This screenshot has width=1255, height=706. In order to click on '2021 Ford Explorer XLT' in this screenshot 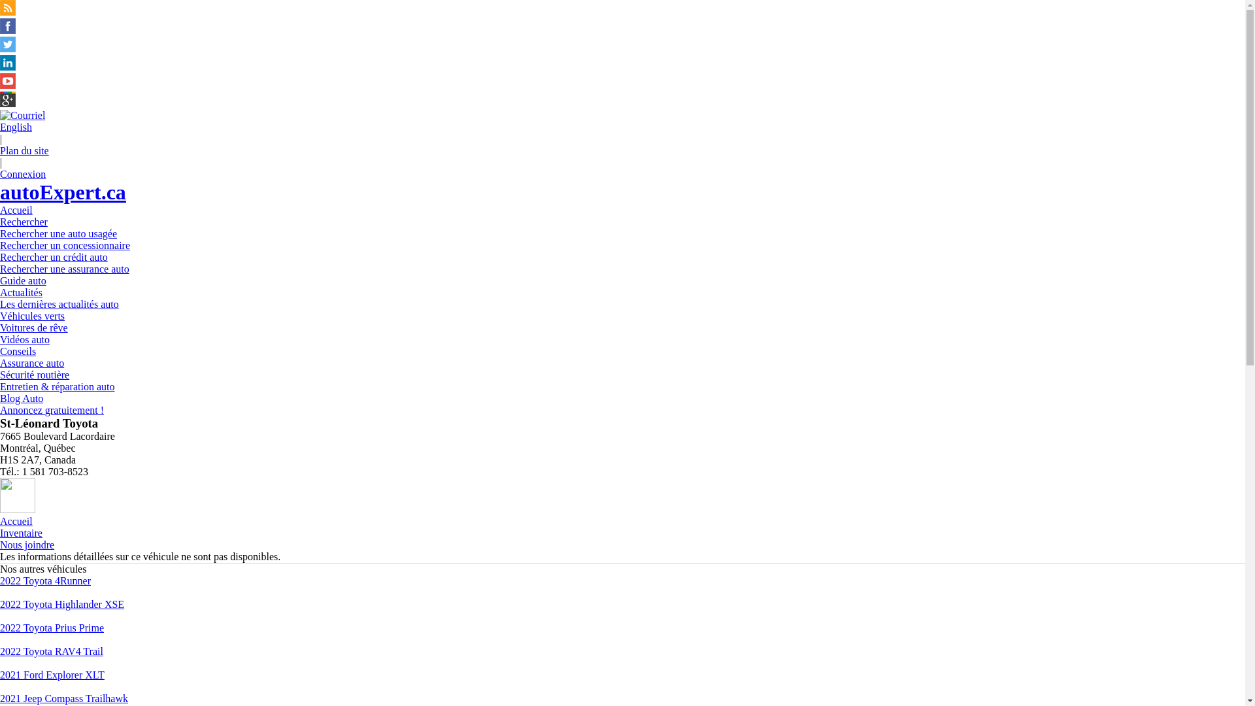, I will do `click(52, 675)`.